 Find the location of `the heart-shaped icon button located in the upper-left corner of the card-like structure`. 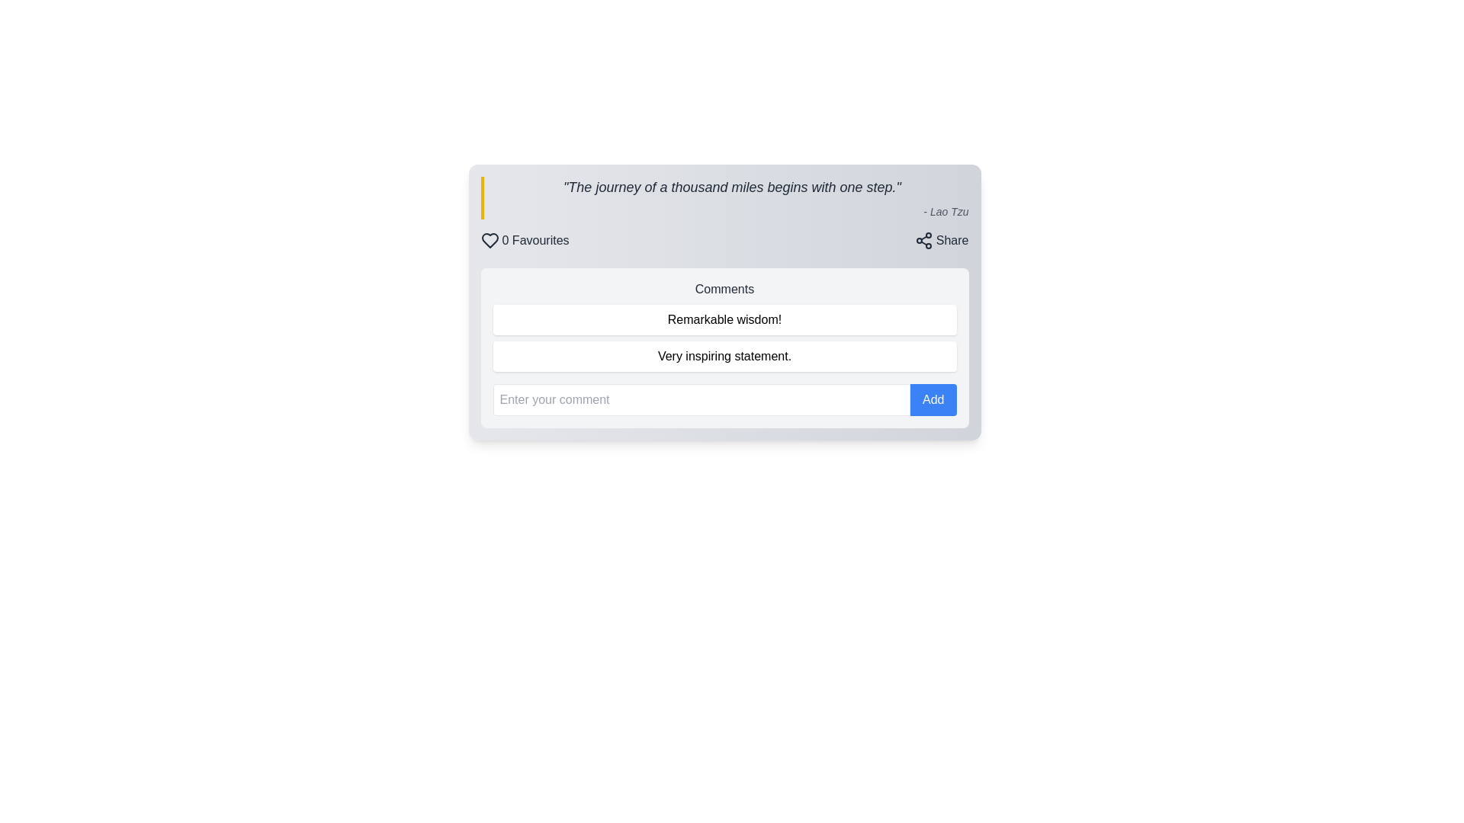

the heart-shaped icon button located in the upper-left corner of the card-like structure is located at coordinates (490, 240).